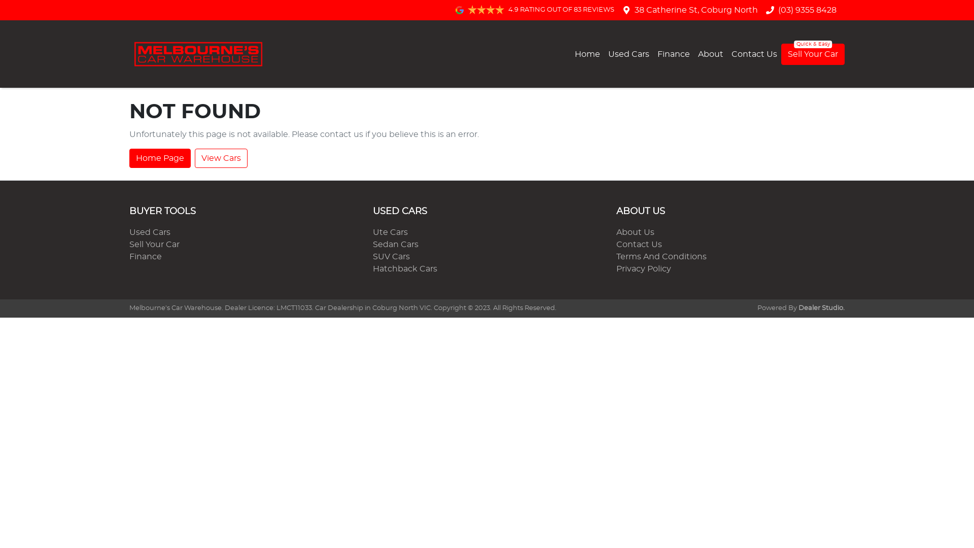 The image size is (974, 548). Describe the element at coordinates (754, 53) in the screenshot. I see `'Contact Us'` at that location.